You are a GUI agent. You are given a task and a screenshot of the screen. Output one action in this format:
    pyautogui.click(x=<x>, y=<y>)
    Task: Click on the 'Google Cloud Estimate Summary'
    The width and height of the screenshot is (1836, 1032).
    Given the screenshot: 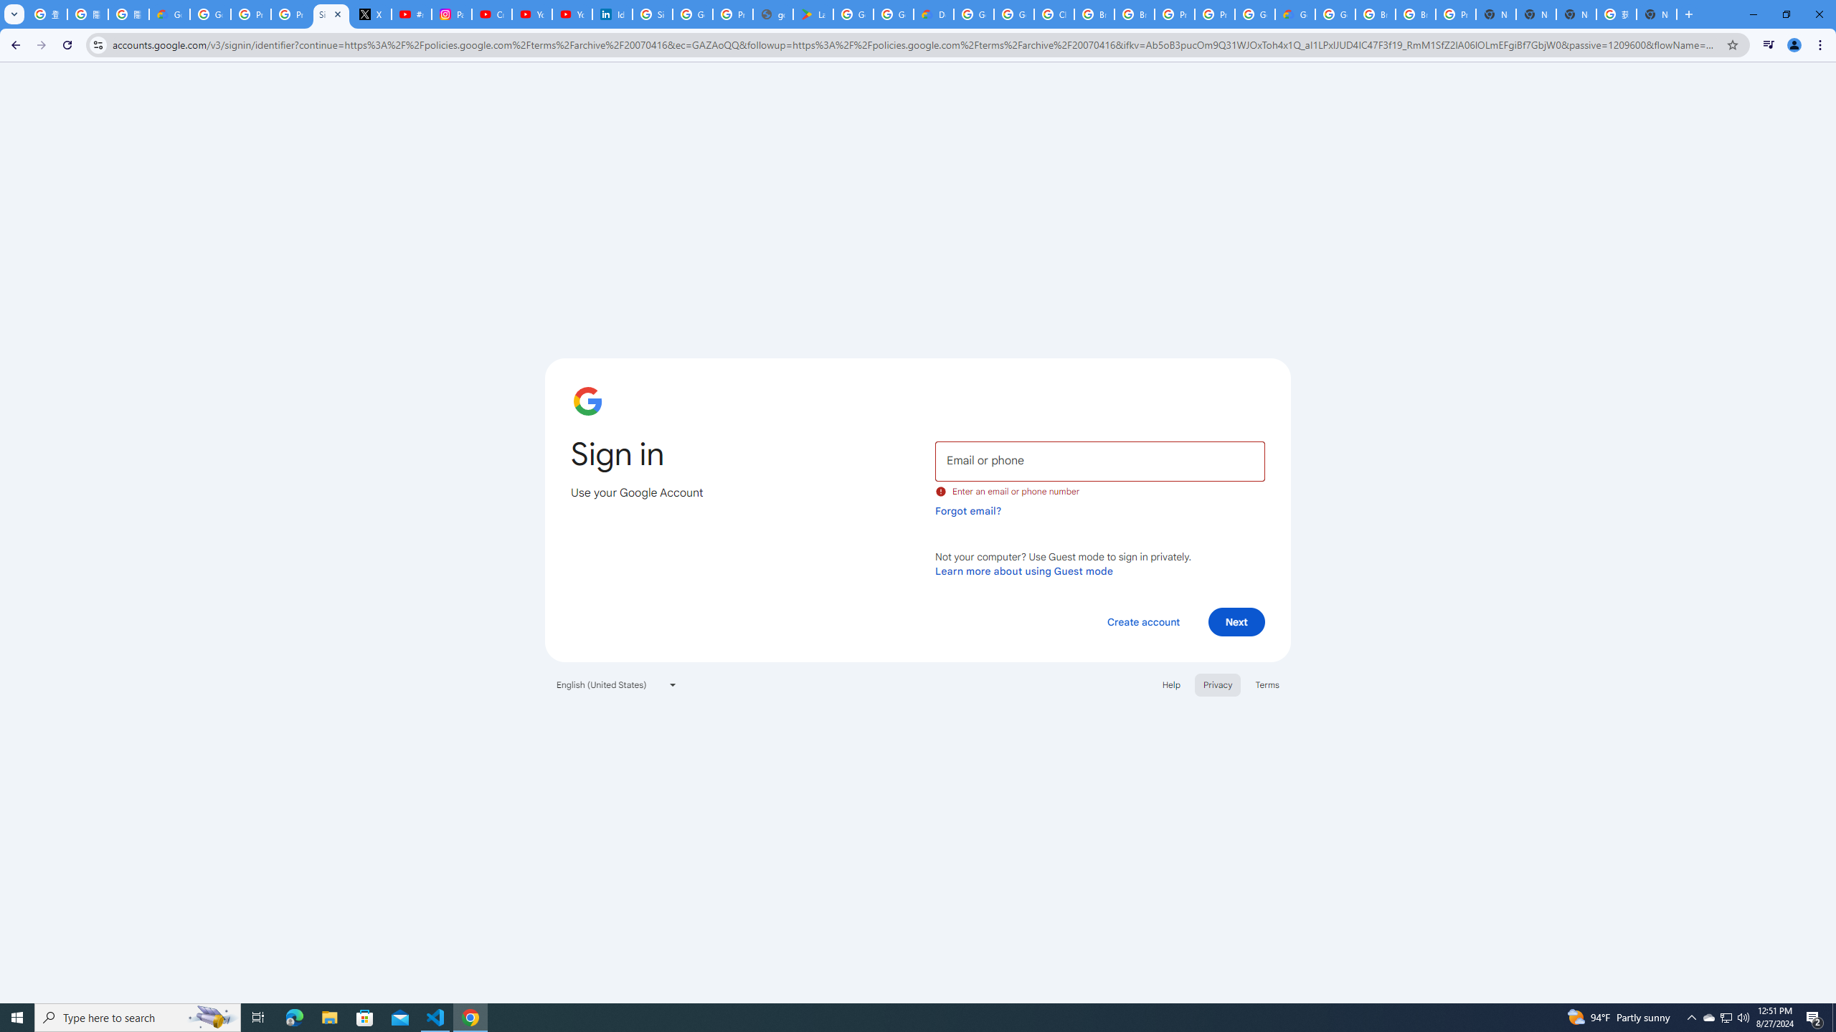 What is the action you would take?
    pyautogui.click(x=1295, y=14)
    